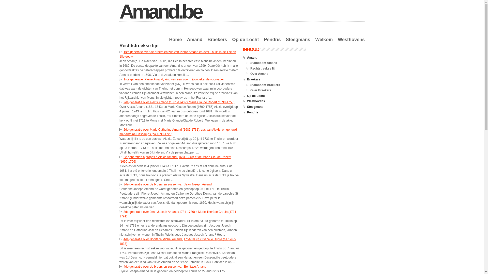 The image size is (488, 274). I want to click on 'Stamboom Amand', so click(264, 62).